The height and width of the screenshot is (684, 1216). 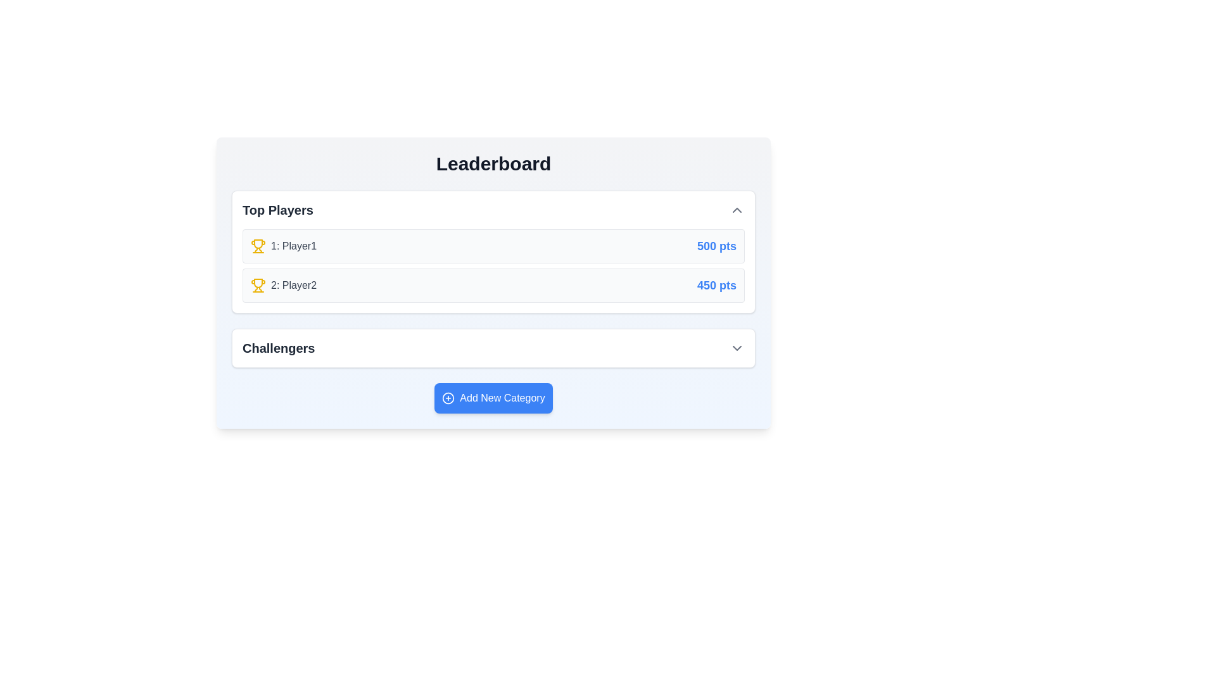 I want to click on the leaderboard section that displays ranking information for players, showing their rank, name, and points, so click(x=493, y=251).